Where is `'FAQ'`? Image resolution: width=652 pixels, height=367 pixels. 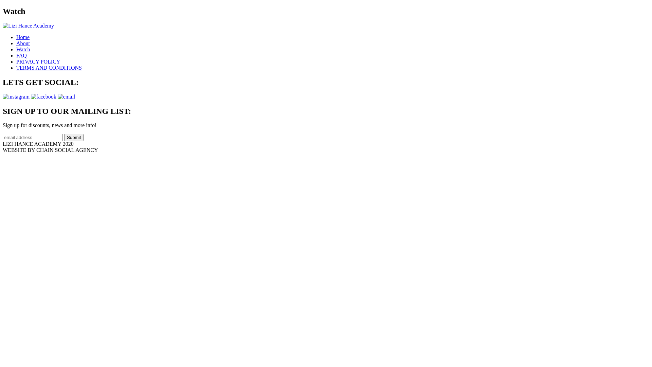
'FAQ' is located at coordinates (21, 55).